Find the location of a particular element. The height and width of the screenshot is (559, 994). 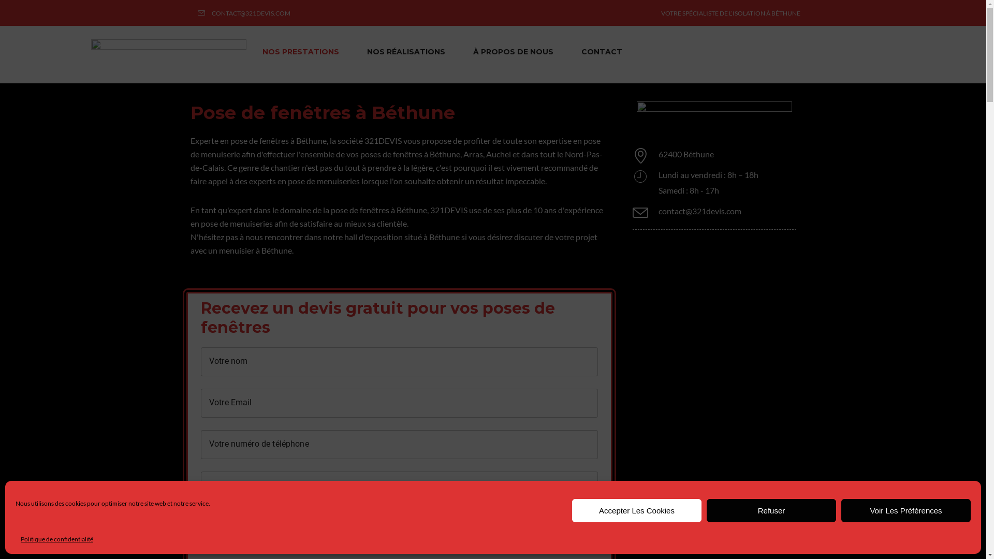

'Accepter Les Cookies' is located at coordinates (636, 510).